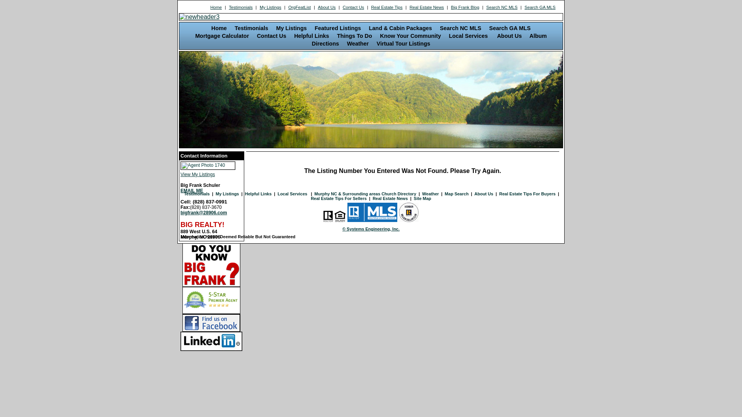 This screenshot has height=417, width=742. I want to click on 'Search GA MLS', so click(510, 28).